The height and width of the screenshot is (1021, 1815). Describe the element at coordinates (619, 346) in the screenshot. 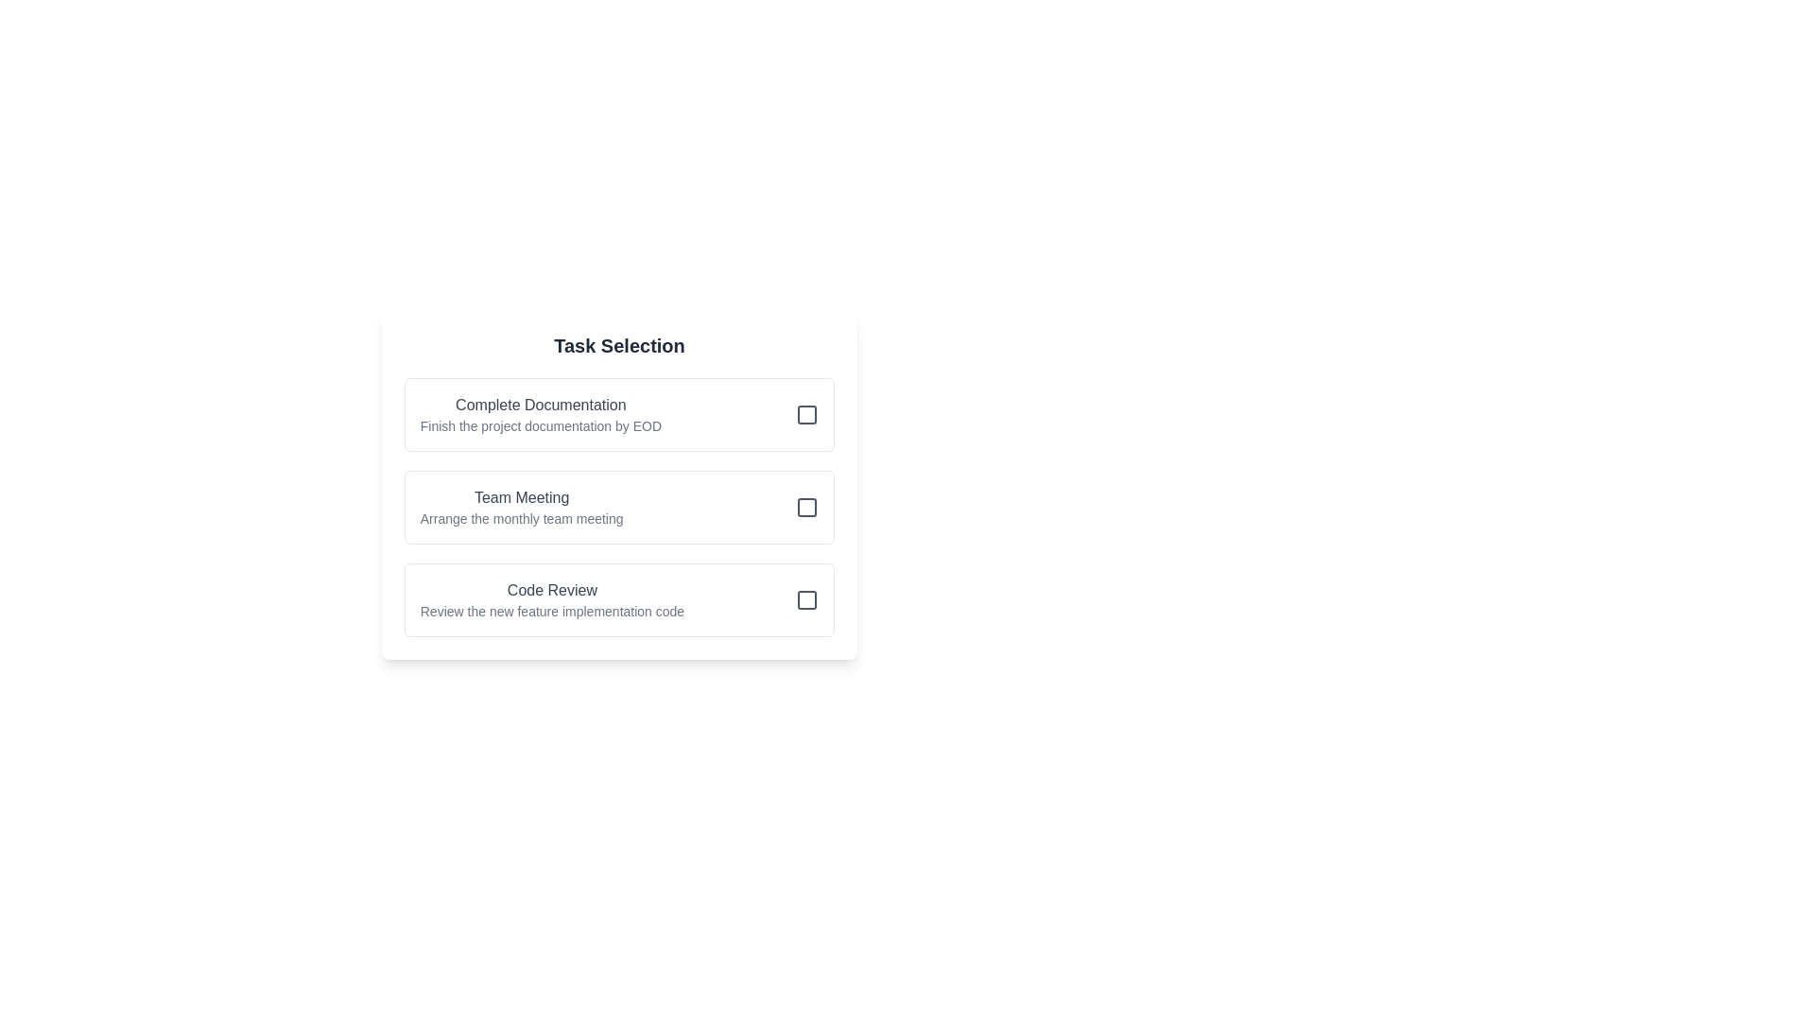

I see `the 'Task Selection' text header, which is a prominent title located at the top of a white panel within a card layout` at that location.